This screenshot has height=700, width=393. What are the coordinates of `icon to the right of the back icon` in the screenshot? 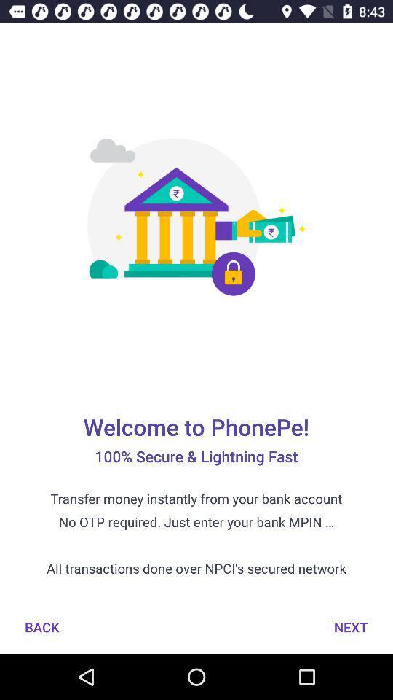 It's located at (350, 626).